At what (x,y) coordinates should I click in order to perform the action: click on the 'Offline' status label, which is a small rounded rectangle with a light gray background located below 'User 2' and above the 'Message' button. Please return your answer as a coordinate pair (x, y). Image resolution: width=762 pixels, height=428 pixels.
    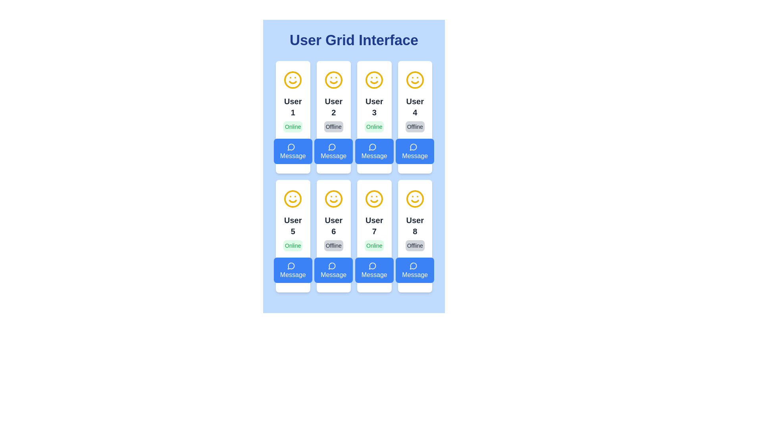
    Looking at the image, I should click on (333, 126).